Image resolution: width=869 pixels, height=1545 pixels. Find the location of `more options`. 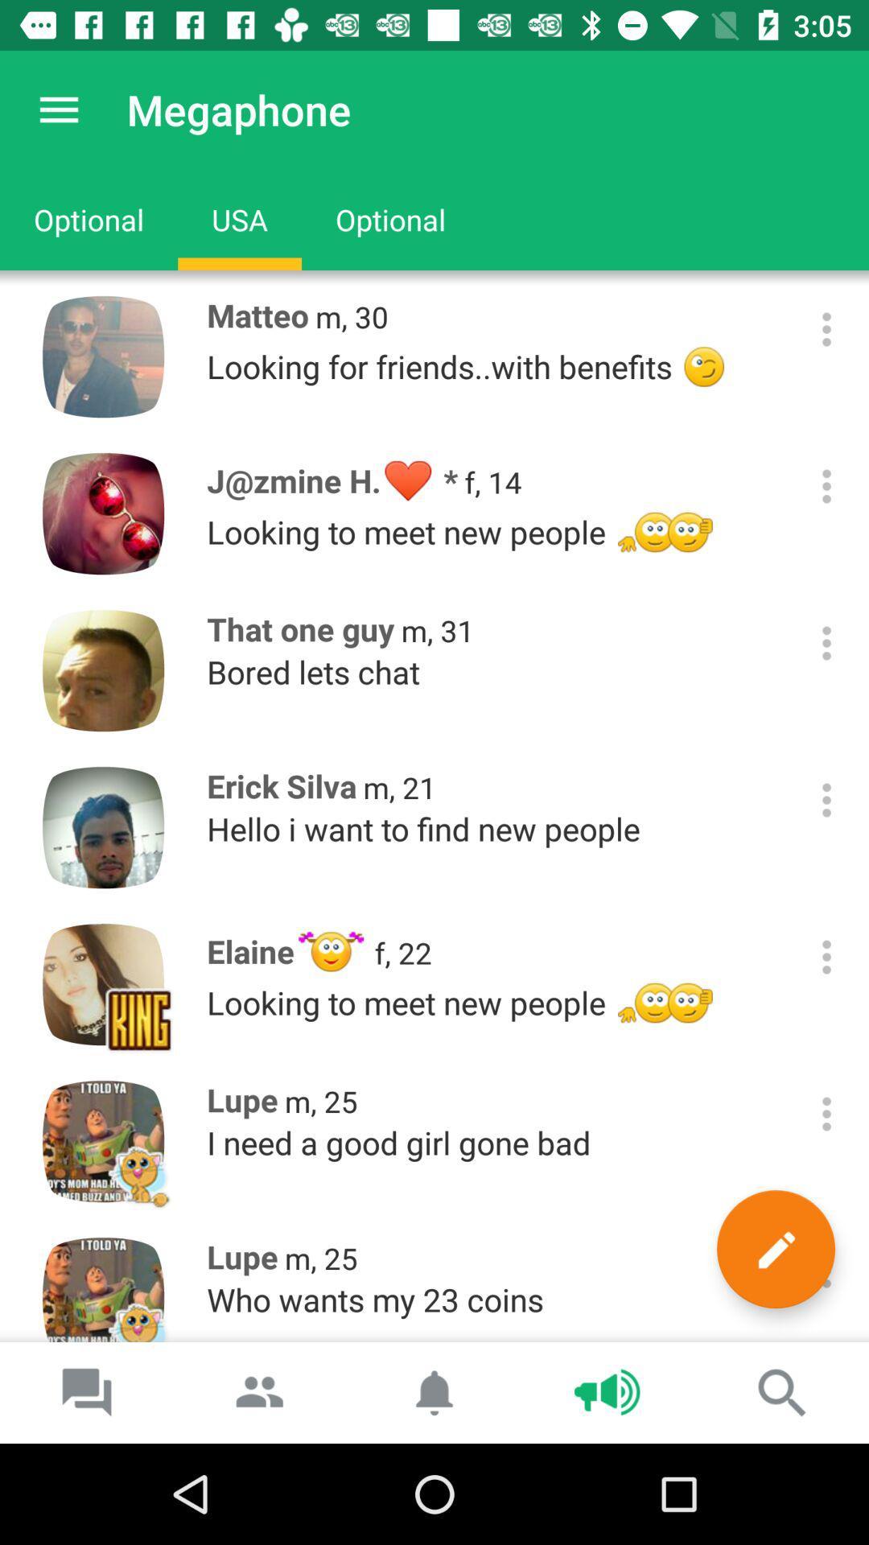

more options is located at coordinates (826, 642).